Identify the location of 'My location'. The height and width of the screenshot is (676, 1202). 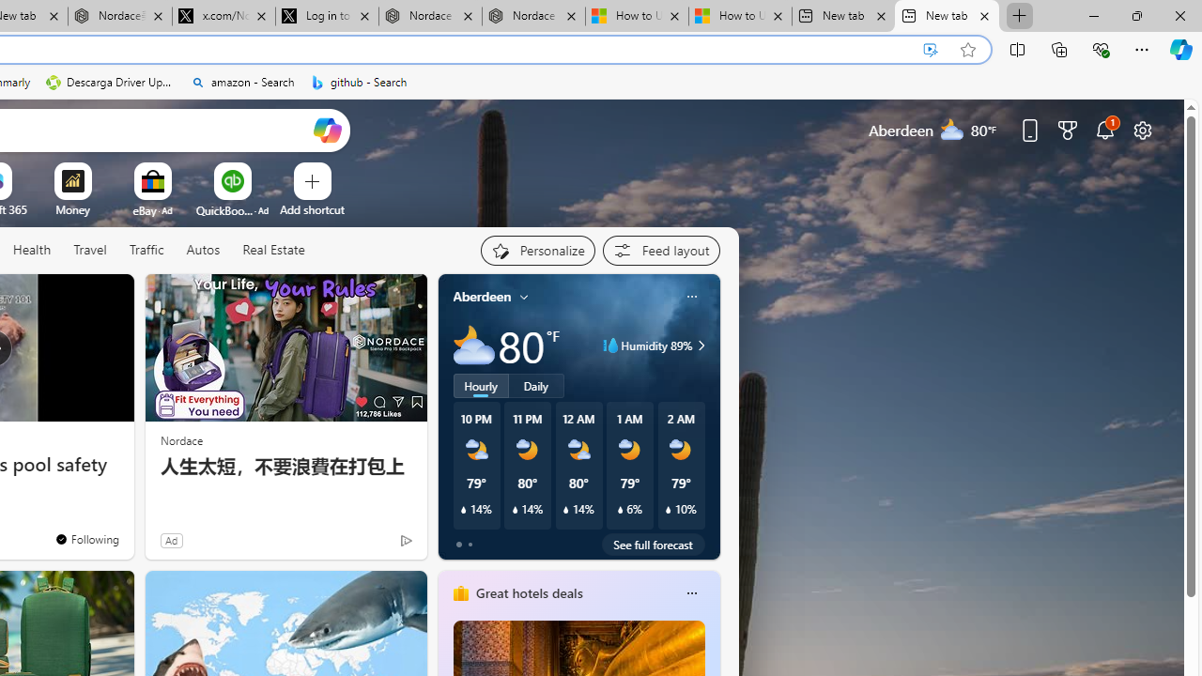
(524, 296).